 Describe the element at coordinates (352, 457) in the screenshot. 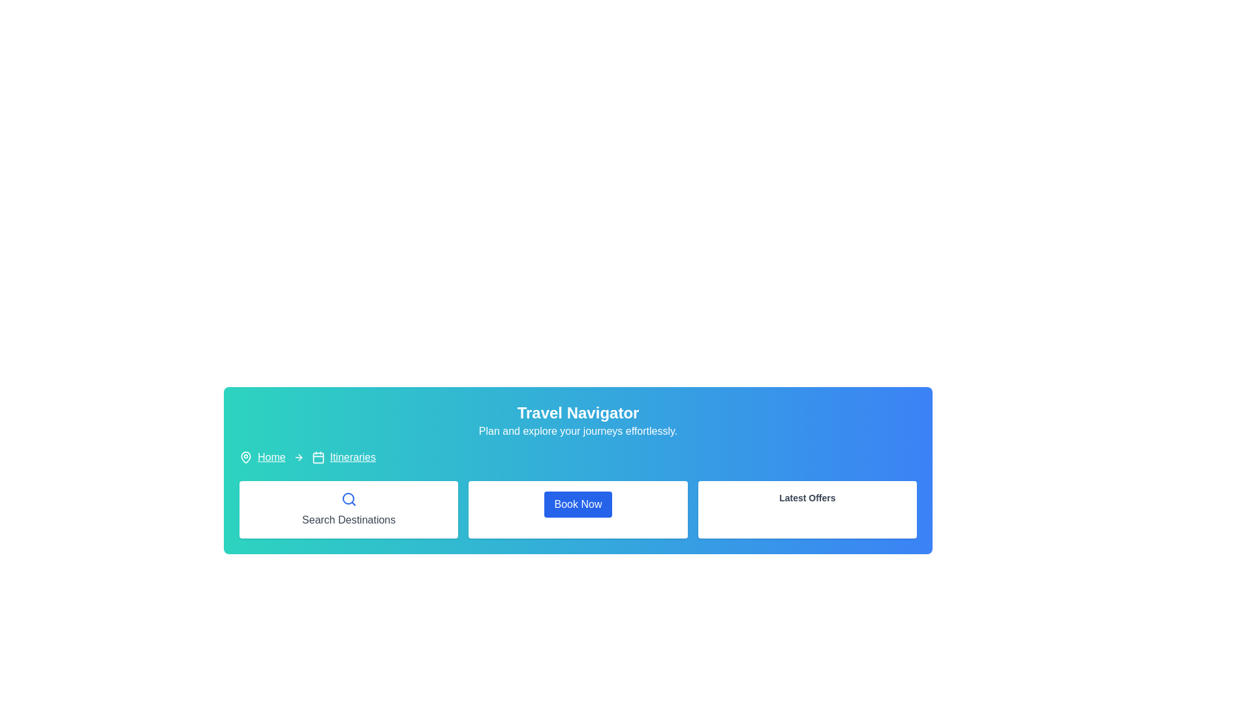

I see `the navigational hyperlink positioned to the right of the calendar icon in the horizontal navigation bar at the bottom of the header section` at that location.